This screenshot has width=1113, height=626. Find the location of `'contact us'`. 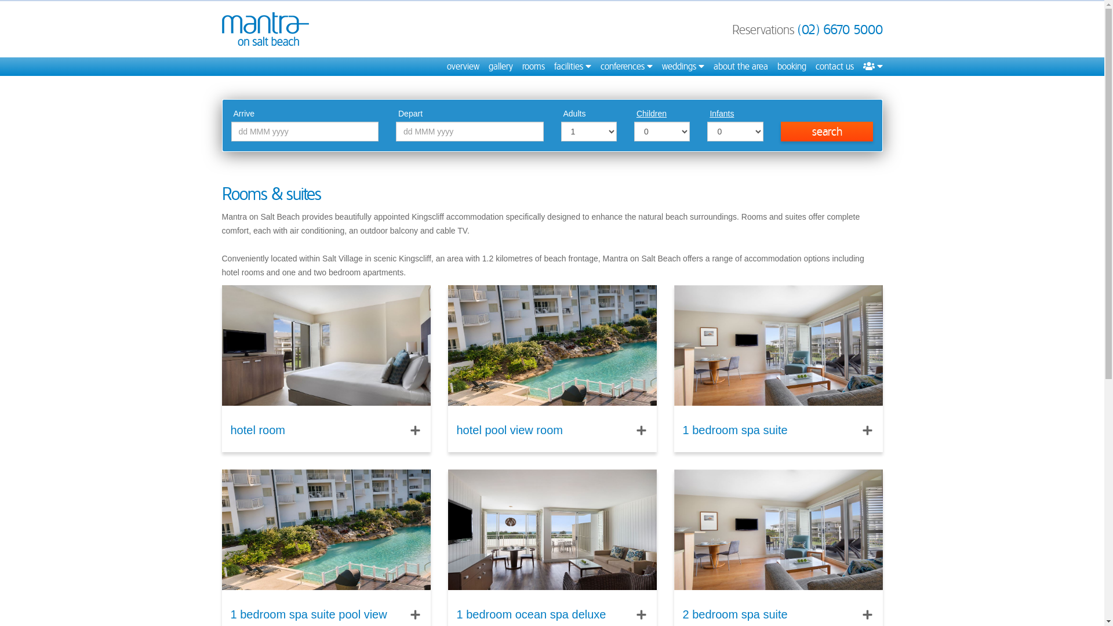

'contact us' is located at coordinates (814, 67).